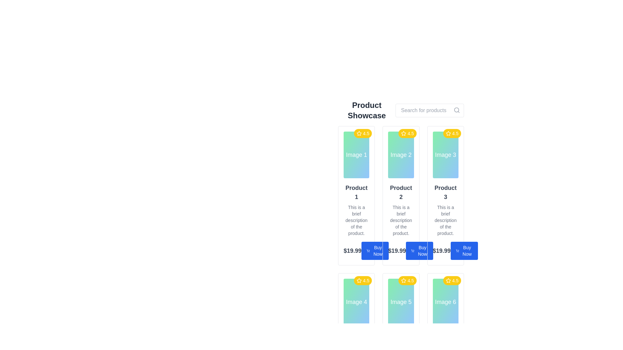  Describe the element at coordinates (356, 155) in the screenshot. I see `the text label 'Image 1', which is styled in white and centered on a rectangular card in the product showcase grid` at that location.